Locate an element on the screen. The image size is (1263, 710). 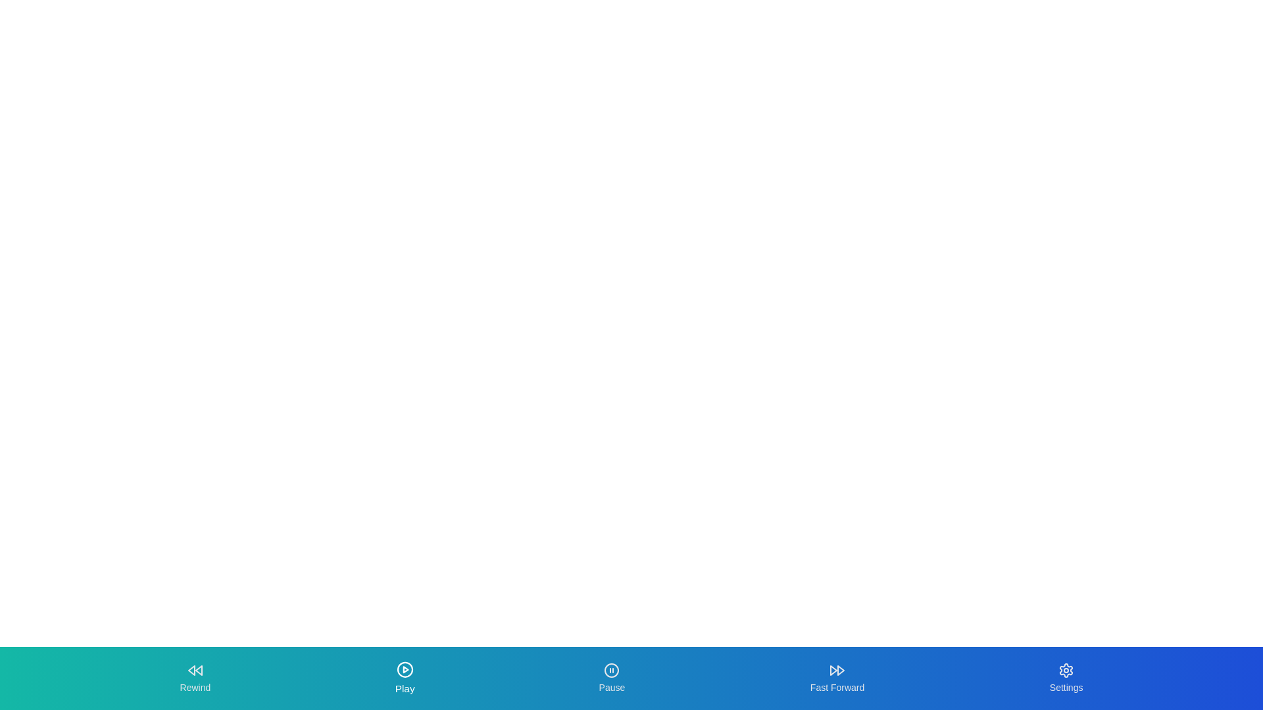
the Fast Forward tab by clicking its button is located at coordinates (837, 678).